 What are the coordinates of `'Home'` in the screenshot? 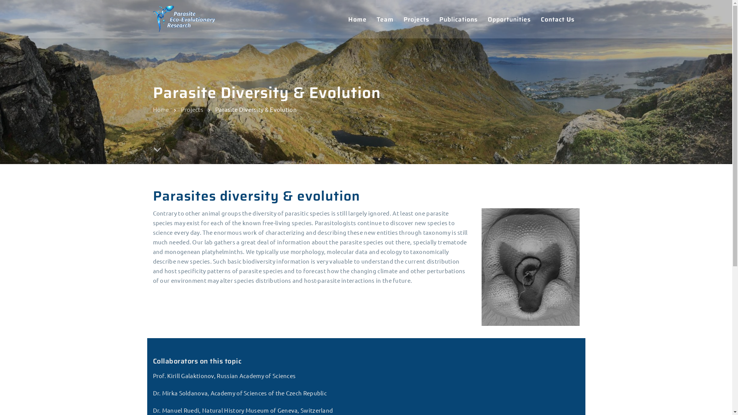 It's located at (357, 19).